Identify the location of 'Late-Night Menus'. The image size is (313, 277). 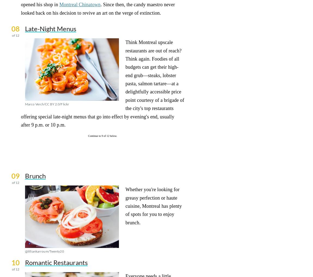
(50, 28).